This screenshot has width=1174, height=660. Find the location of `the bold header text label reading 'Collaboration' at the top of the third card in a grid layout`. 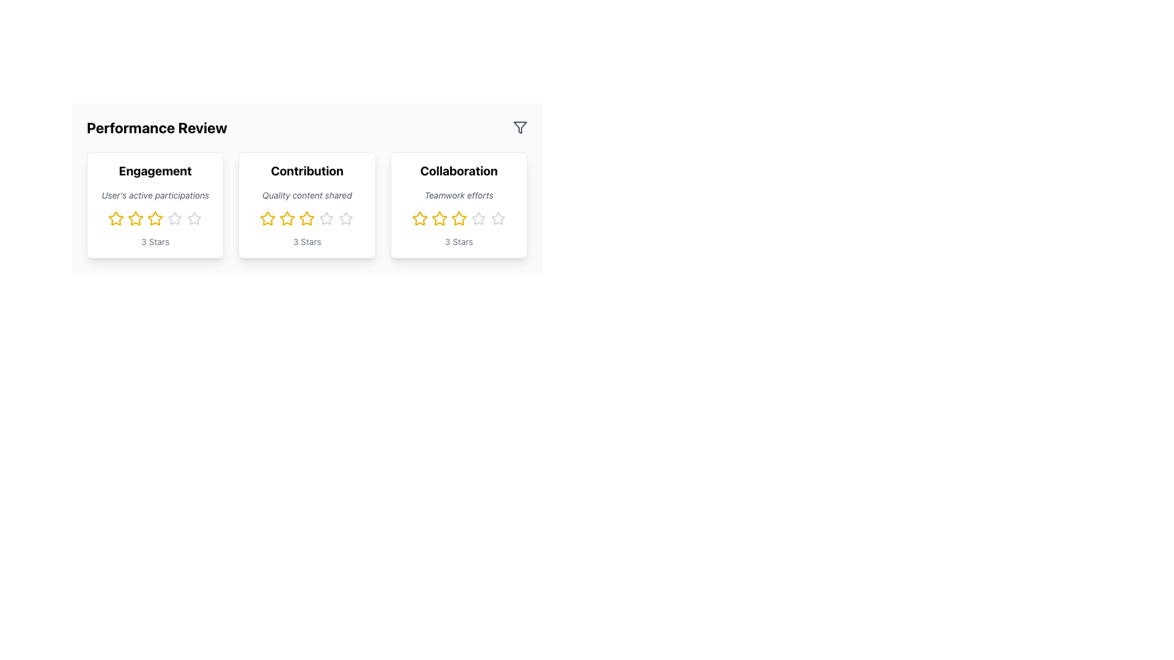

the bold header text label reading 'Collaboration' at the top of the third card in a grid layout is located at coordinates (458, 171).